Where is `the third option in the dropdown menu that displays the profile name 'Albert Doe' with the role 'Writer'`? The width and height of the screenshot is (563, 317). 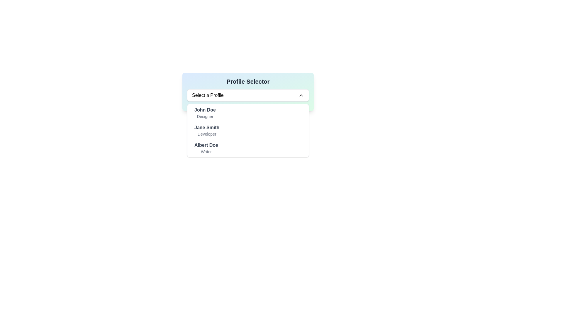
the third option in the dropdown menu that displays the profile name 'Albert Doe' with the role 'Writer' is located at coordinates (206, 145).